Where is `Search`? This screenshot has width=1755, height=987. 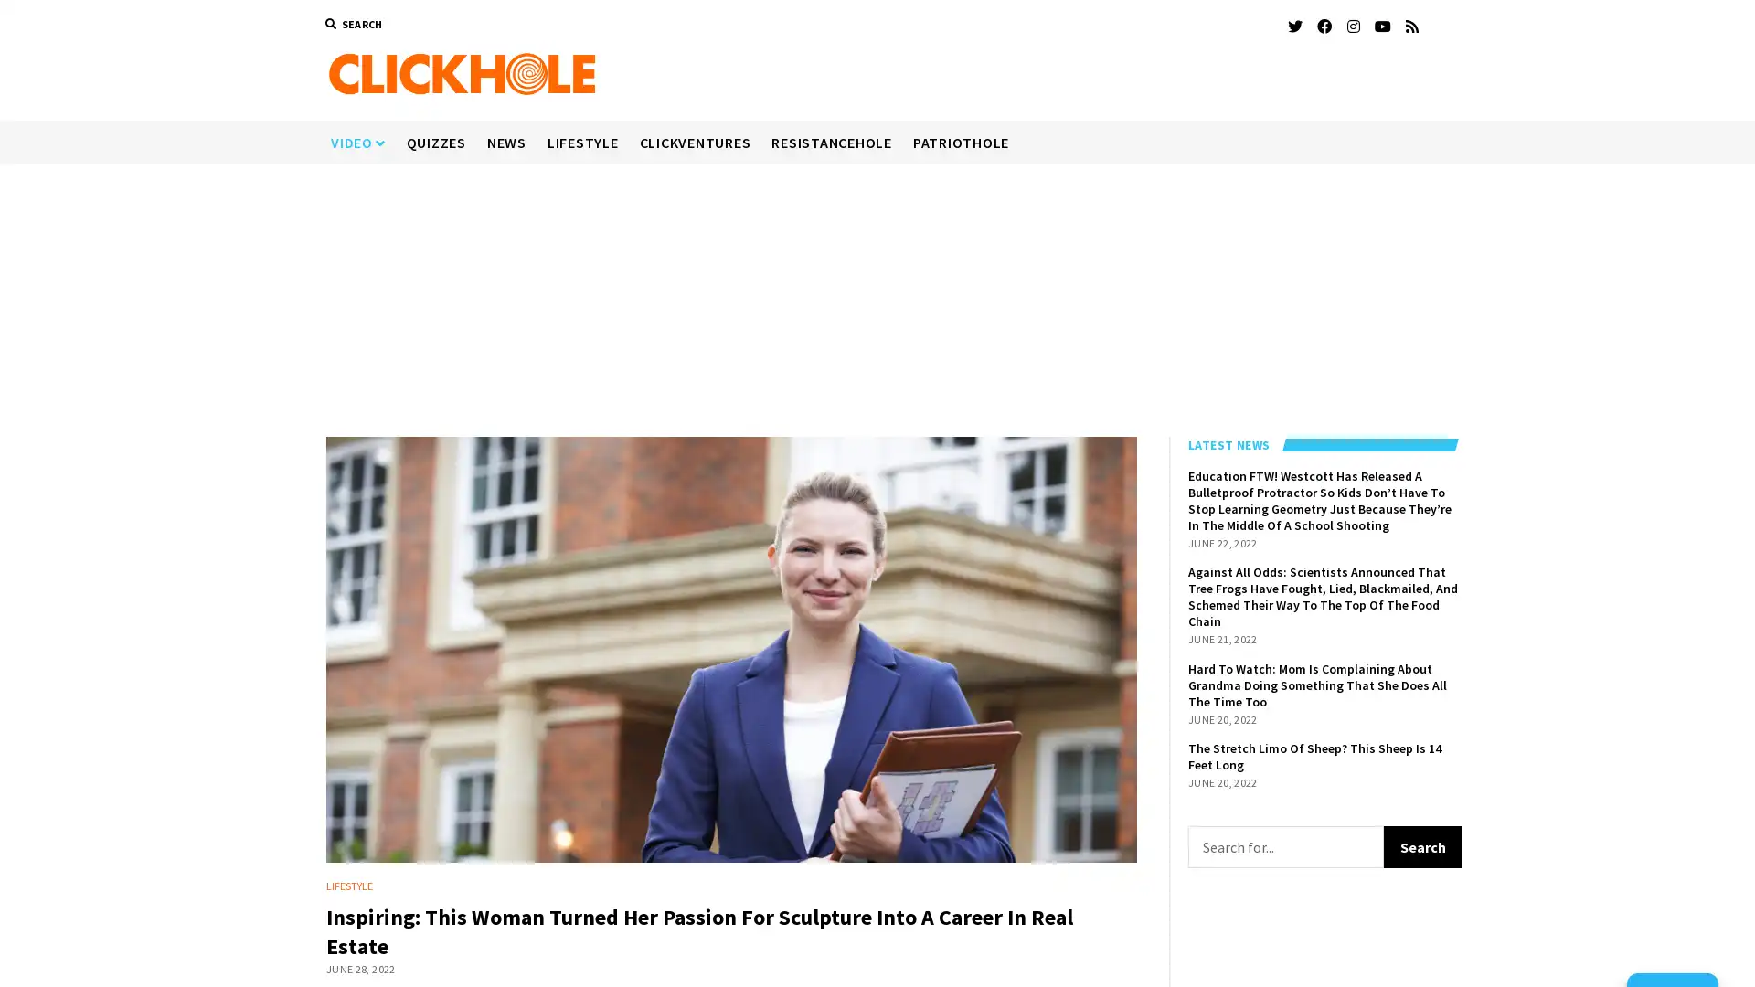
Search is located at coordinates (1421, 846).